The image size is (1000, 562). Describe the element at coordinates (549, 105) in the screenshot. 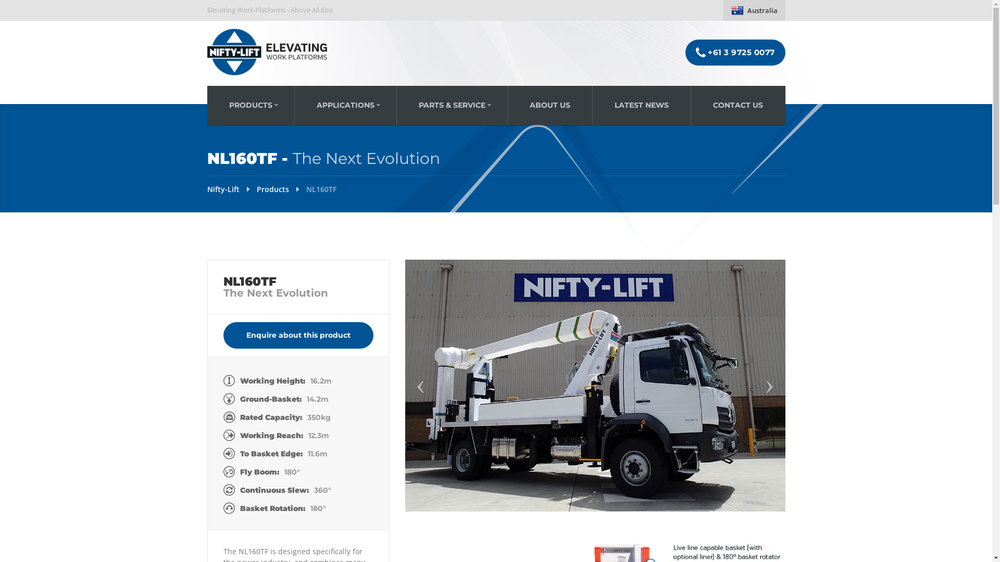

I see `'ABOUT US'` at that location.